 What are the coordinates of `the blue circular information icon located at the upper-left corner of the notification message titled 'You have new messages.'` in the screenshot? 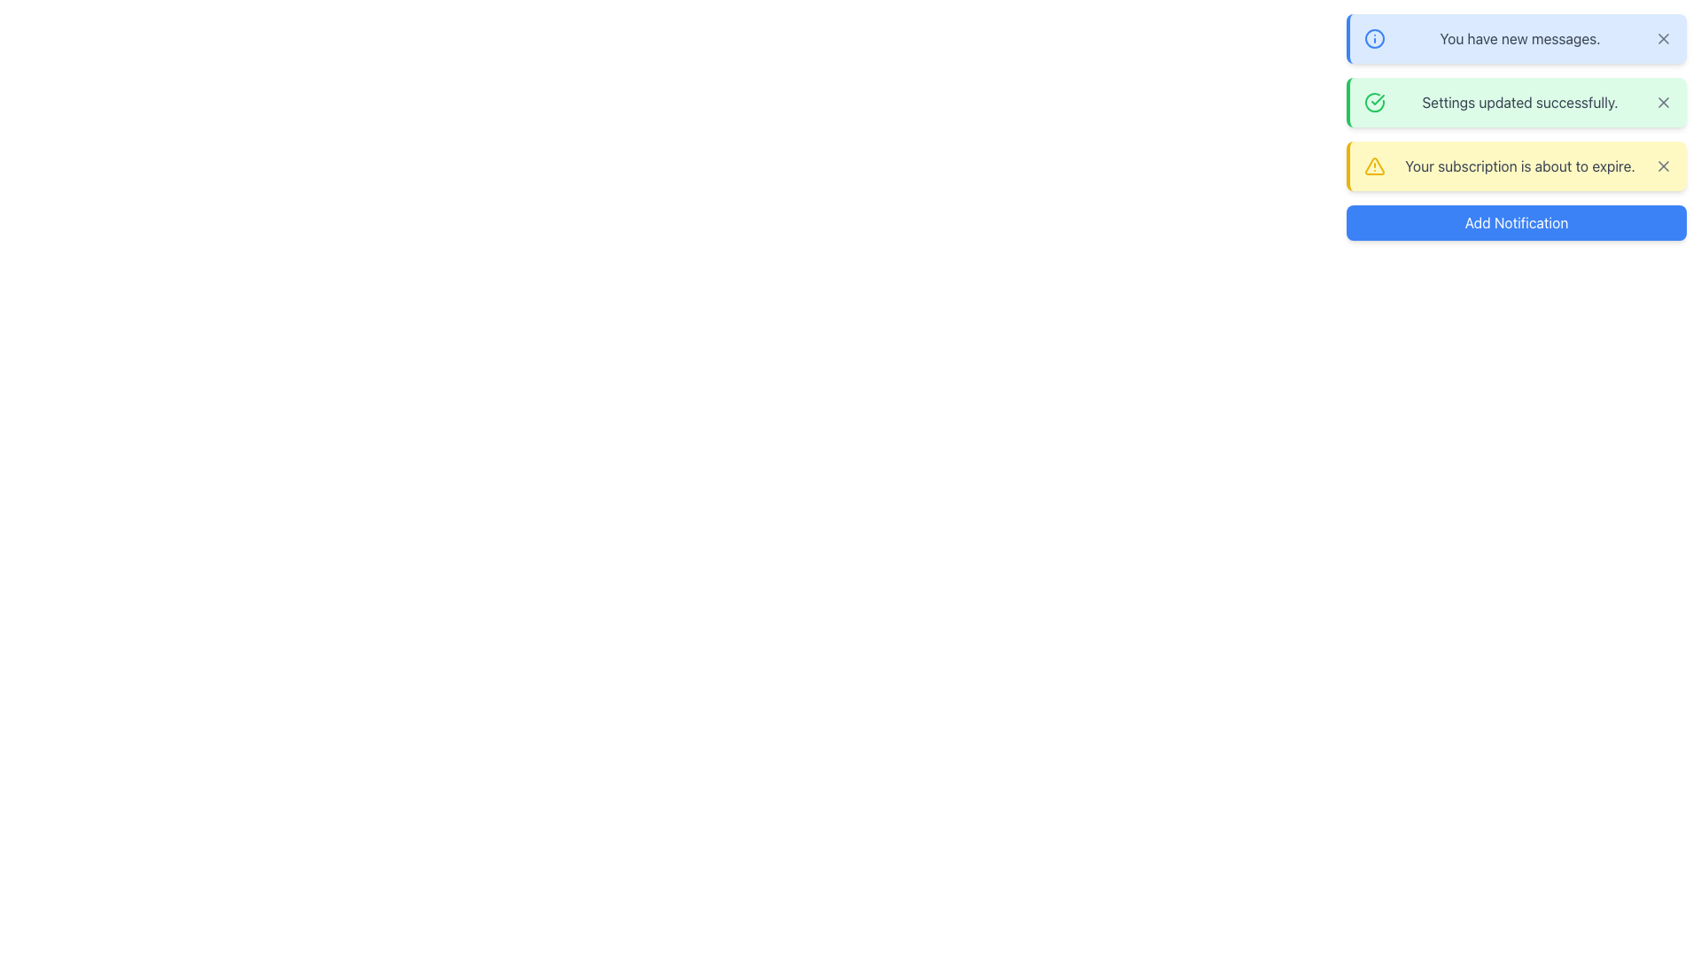 It's located at (1373, 38).